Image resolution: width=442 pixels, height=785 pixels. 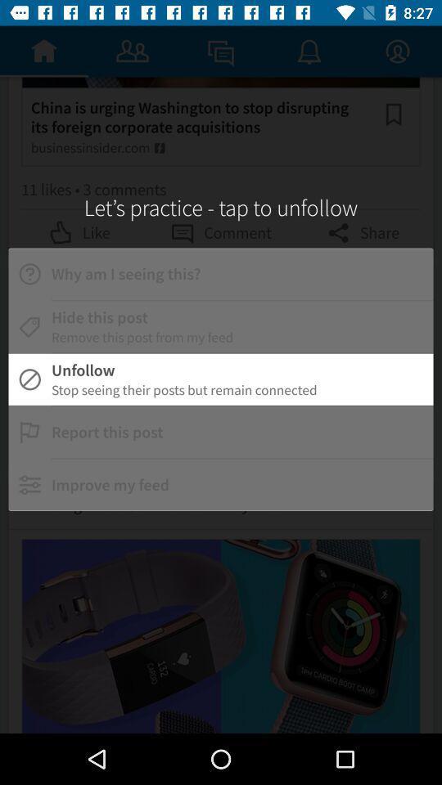 I want to click on the second image on bottom of the page, so click(x=221, y=635).